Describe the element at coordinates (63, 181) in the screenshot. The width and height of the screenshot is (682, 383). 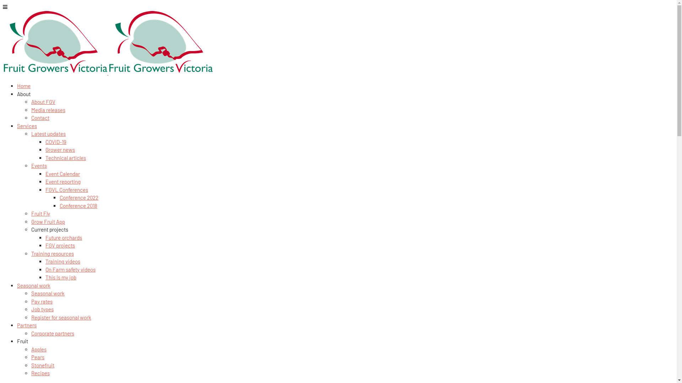
I see `'Event reporting'` at that location.